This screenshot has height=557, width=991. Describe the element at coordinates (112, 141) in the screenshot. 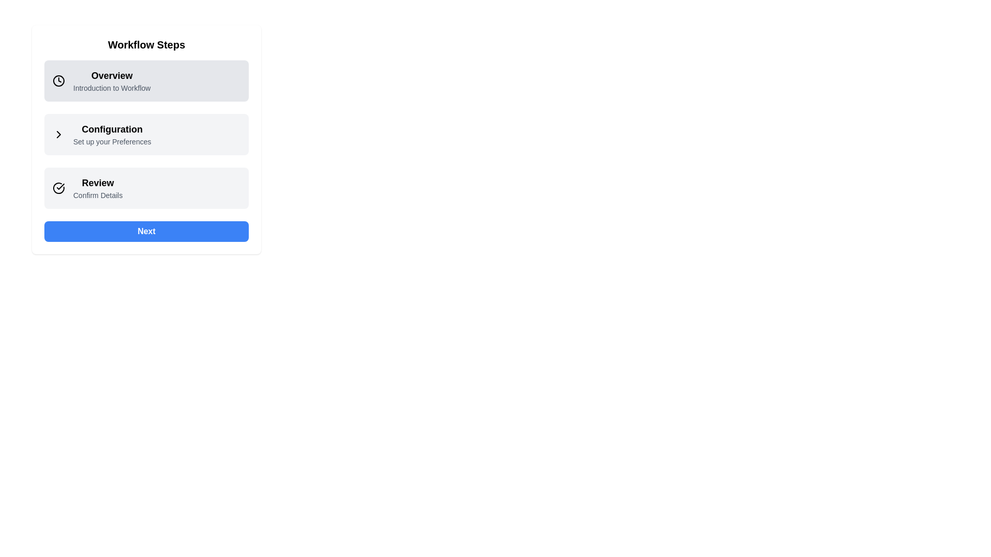

I see `the static text label providing guidance for the 'Configuration' step, which is positioned directly below the 'Configuration' title in the 'Workflow Steps' section` at that location.